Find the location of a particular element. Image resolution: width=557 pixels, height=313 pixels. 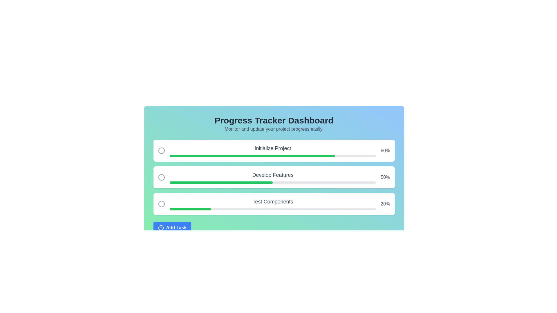

the percentage progress text located in the bottom-right corner of the 'Test Components' section, immediately to the right of the progress bar is located at coordinates (385, 204).